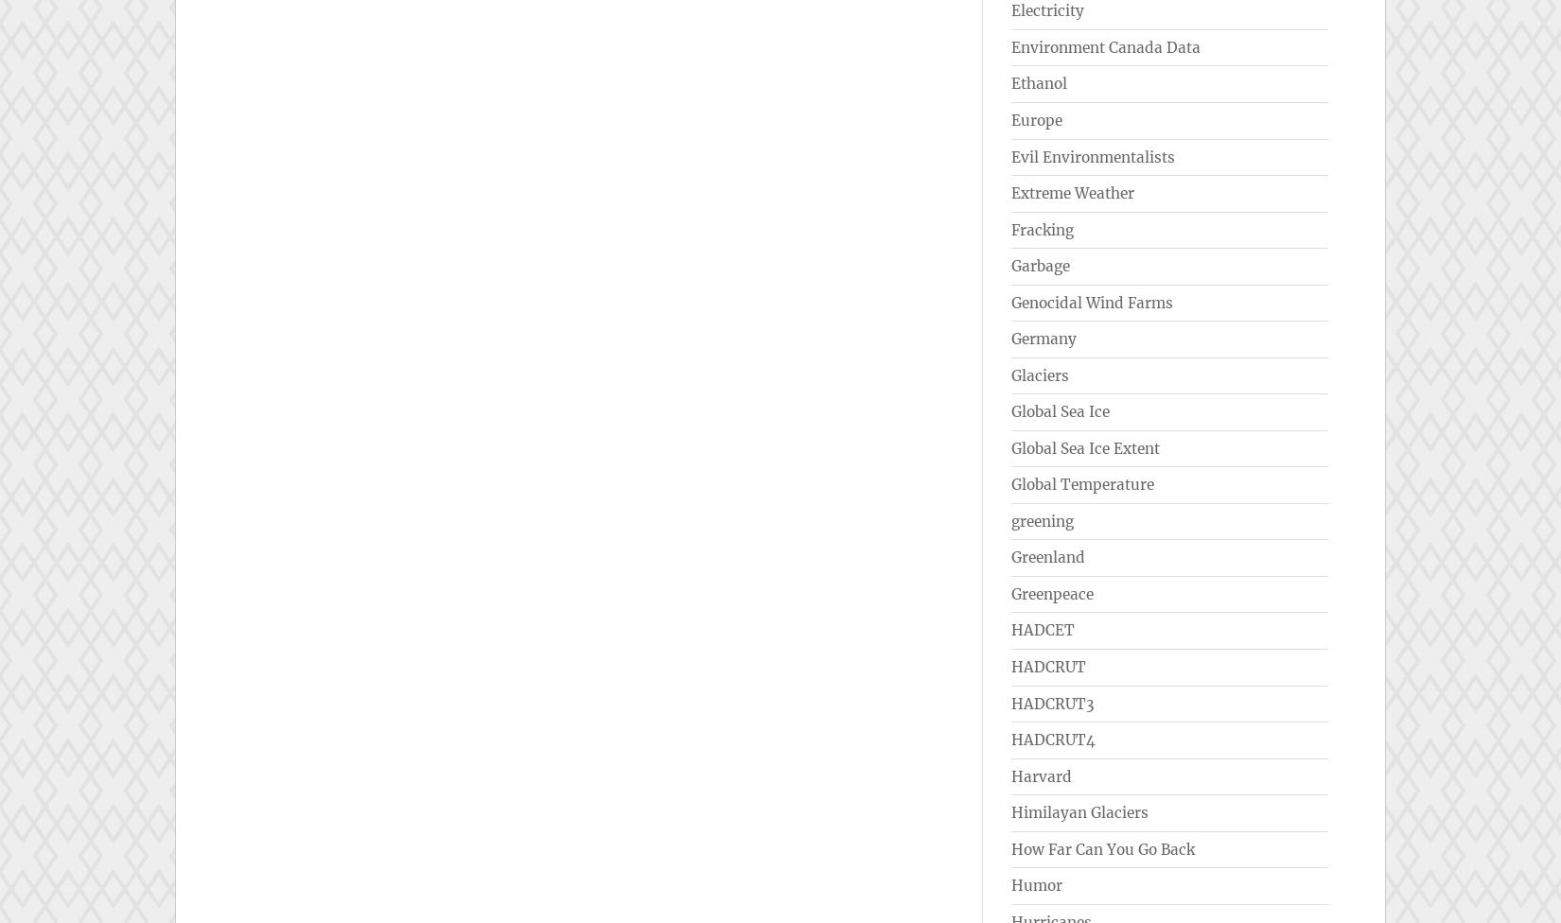  Describe the element at coordinates (1044, 339) in the screenshot. I see `'Germany'` at that location.